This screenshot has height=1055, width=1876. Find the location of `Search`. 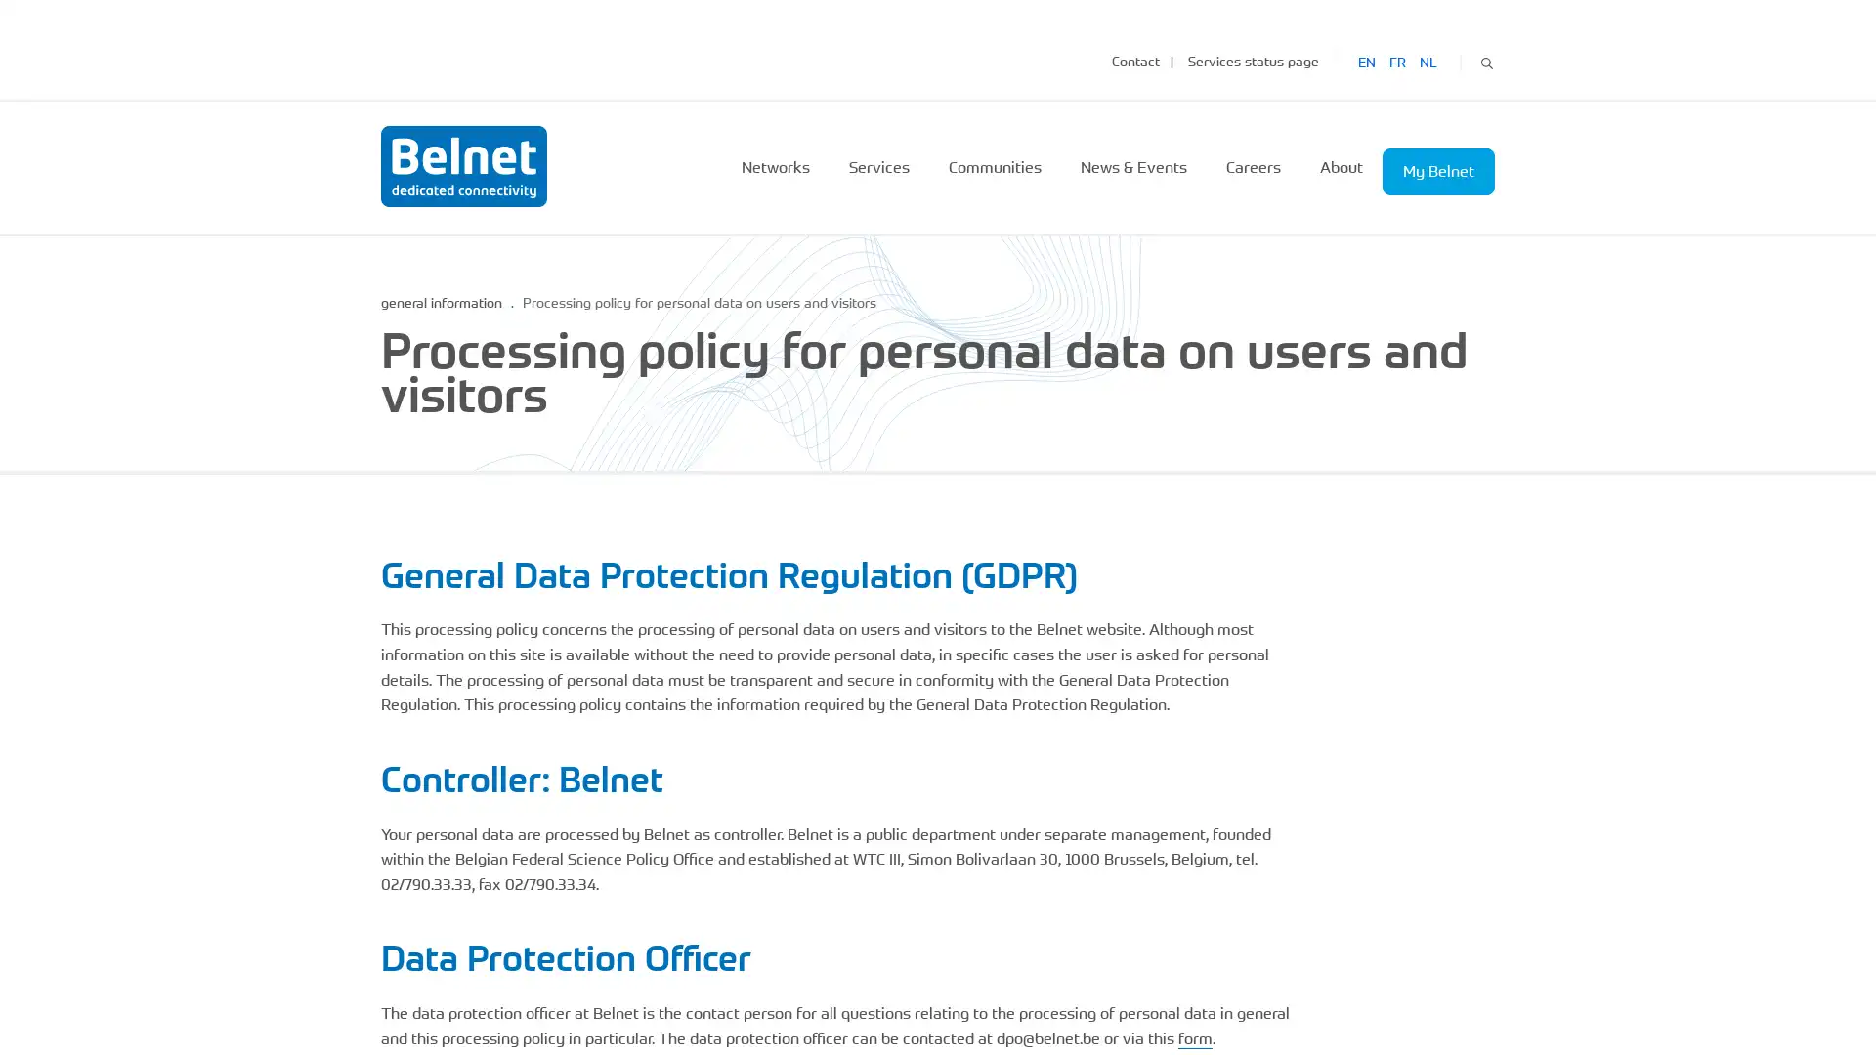

Search is located at coordinates (1485, 60).